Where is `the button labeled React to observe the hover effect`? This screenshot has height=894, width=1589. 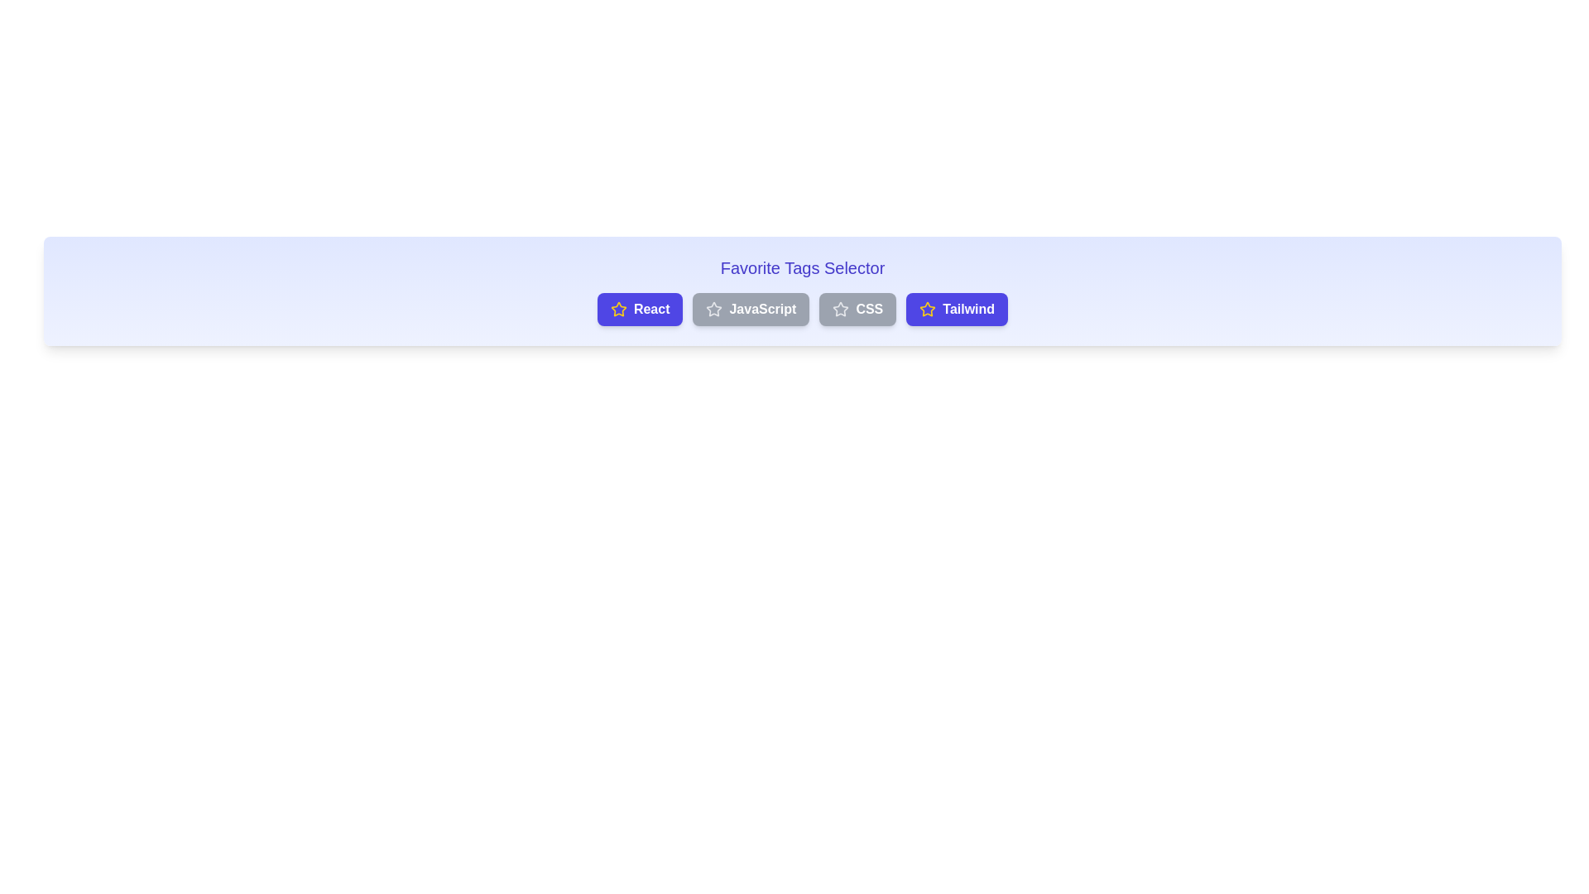 the button labeled React to observe the hover effect is located at coordinates (639, 310).